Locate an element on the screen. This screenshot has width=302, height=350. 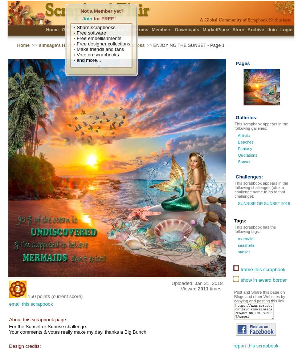
'Make friends and fans' is located at coordinates (99, 49).